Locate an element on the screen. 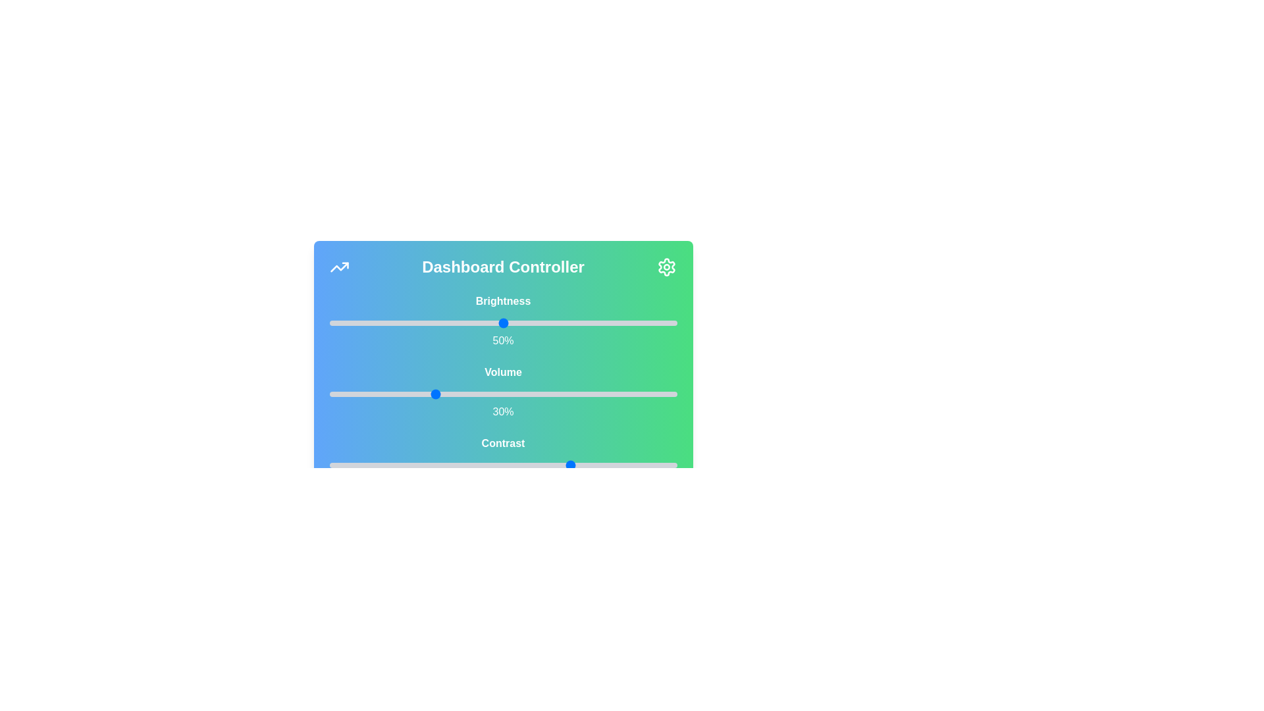  the trending icon in the top-left corner of the Dashboard Controller is located at coordinates (339, 267).